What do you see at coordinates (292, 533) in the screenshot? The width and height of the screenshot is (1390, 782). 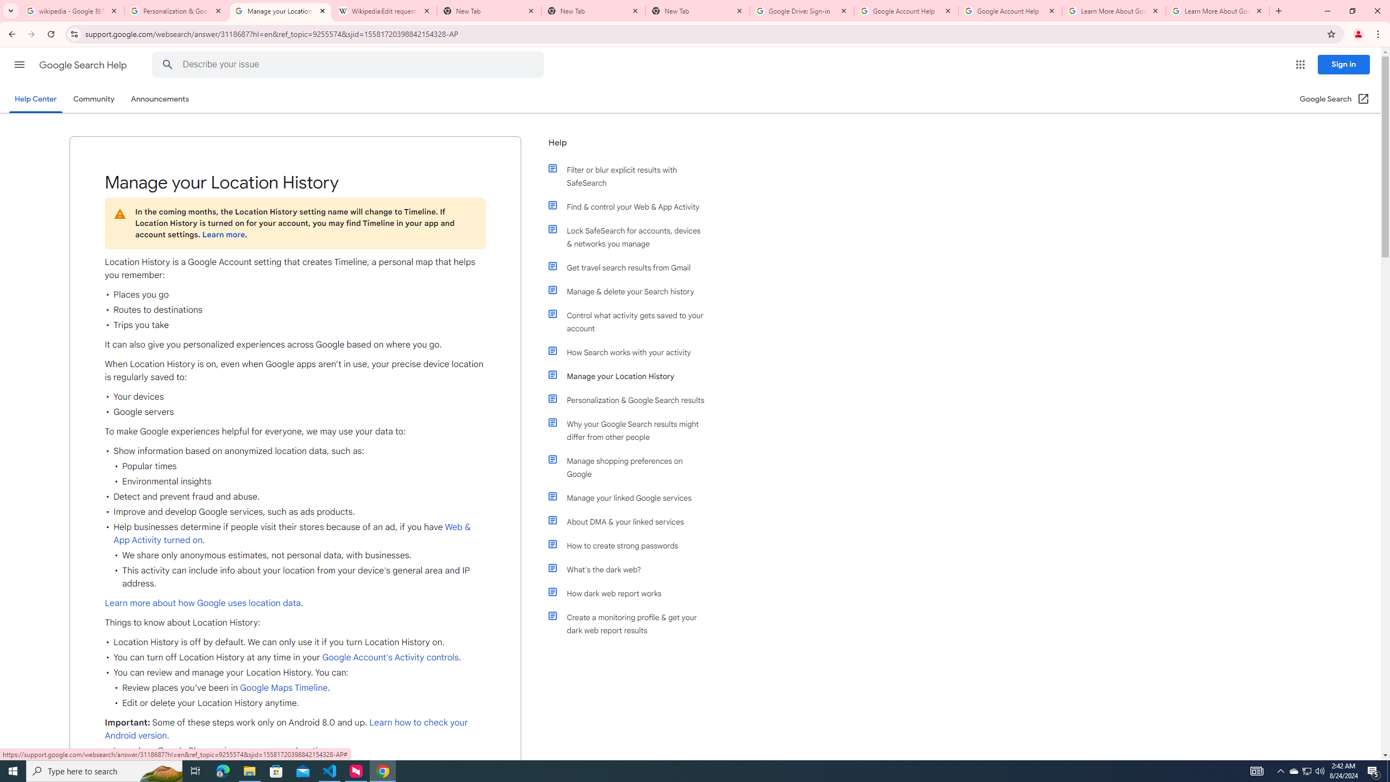 I see `'Web & App Activity turned on'` at bounding box center [292, 533].